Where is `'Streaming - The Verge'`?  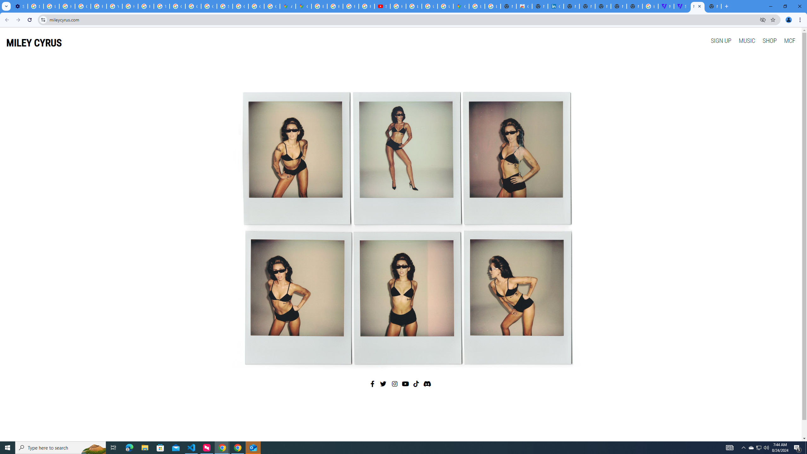 'Streaming - The Verge' is located at coordinates (682, 6).